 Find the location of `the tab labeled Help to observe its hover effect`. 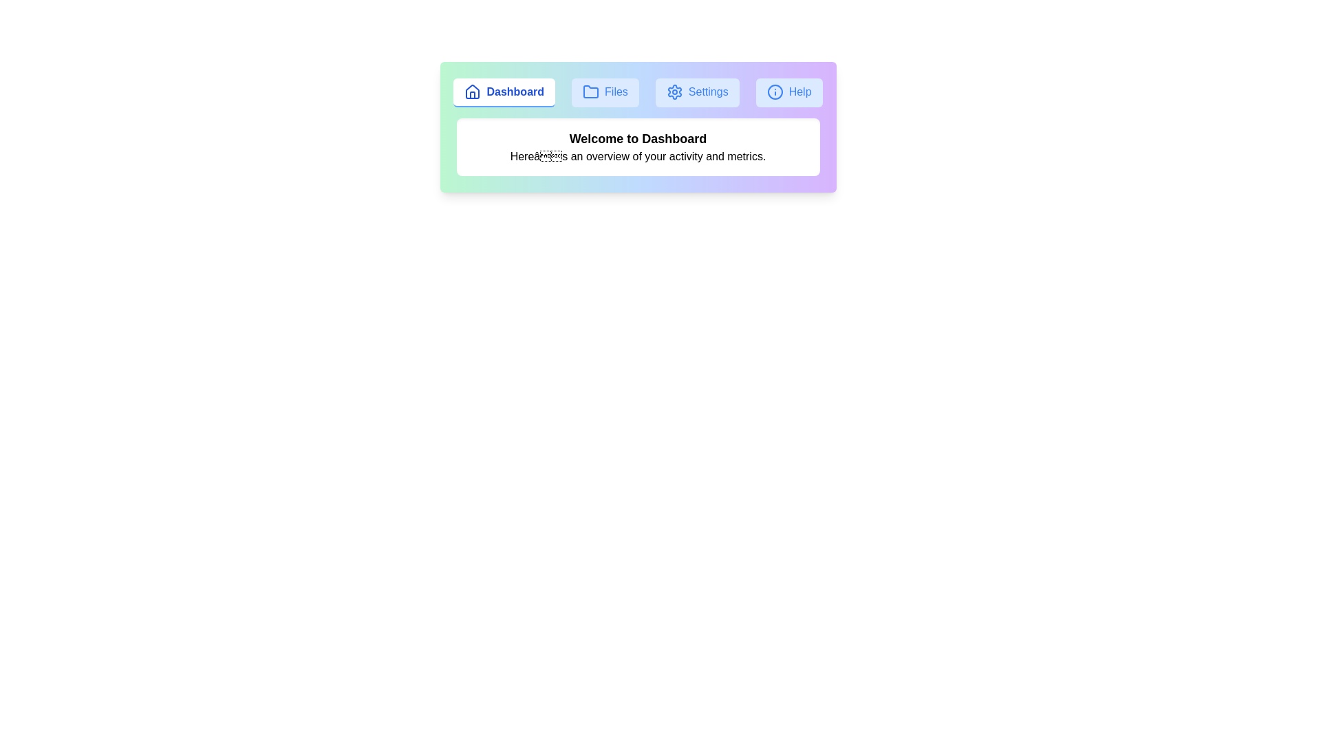

the tab labeled Help to observe its hover effect is located at coordinates (789, 93).